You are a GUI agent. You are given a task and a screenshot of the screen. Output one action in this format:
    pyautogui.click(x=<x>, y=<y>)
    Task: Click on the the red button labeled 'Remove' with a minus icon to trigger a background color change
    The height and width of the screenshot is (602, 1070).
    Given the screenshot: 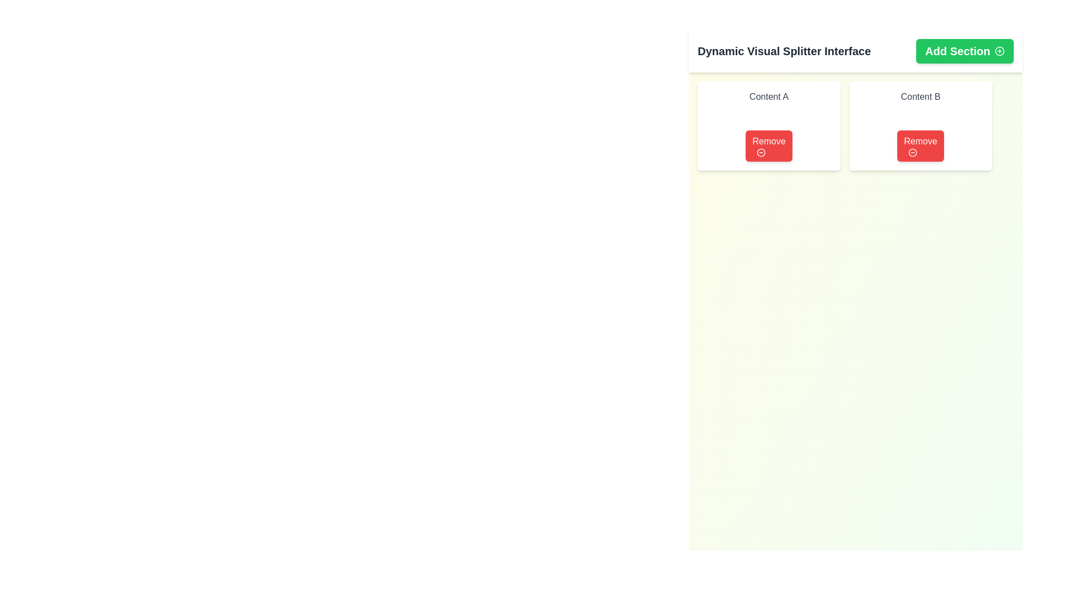 What is the action you would take?
    pyautogui.click(x=920, y=145)
    